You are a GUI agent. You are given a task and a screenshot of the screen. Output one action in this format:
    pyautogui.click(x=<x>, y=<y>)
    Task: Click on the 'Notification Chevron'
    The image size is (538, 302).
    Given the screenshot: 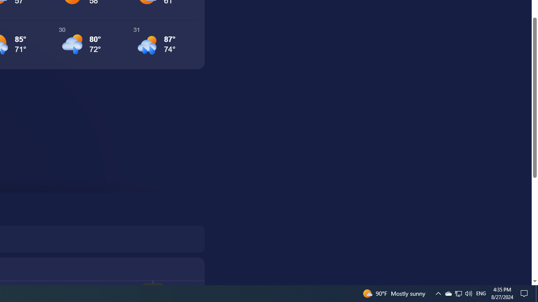 What is the action you would take?
    pyautogui.click(x=438, y=293)
    